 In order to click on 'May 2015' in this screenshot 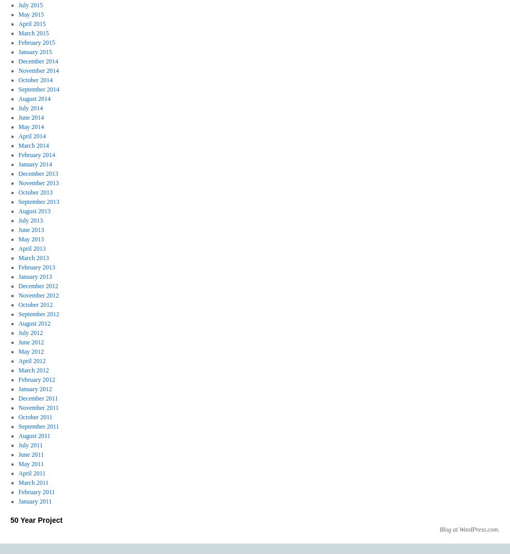, I will do `click(31, 14)`.